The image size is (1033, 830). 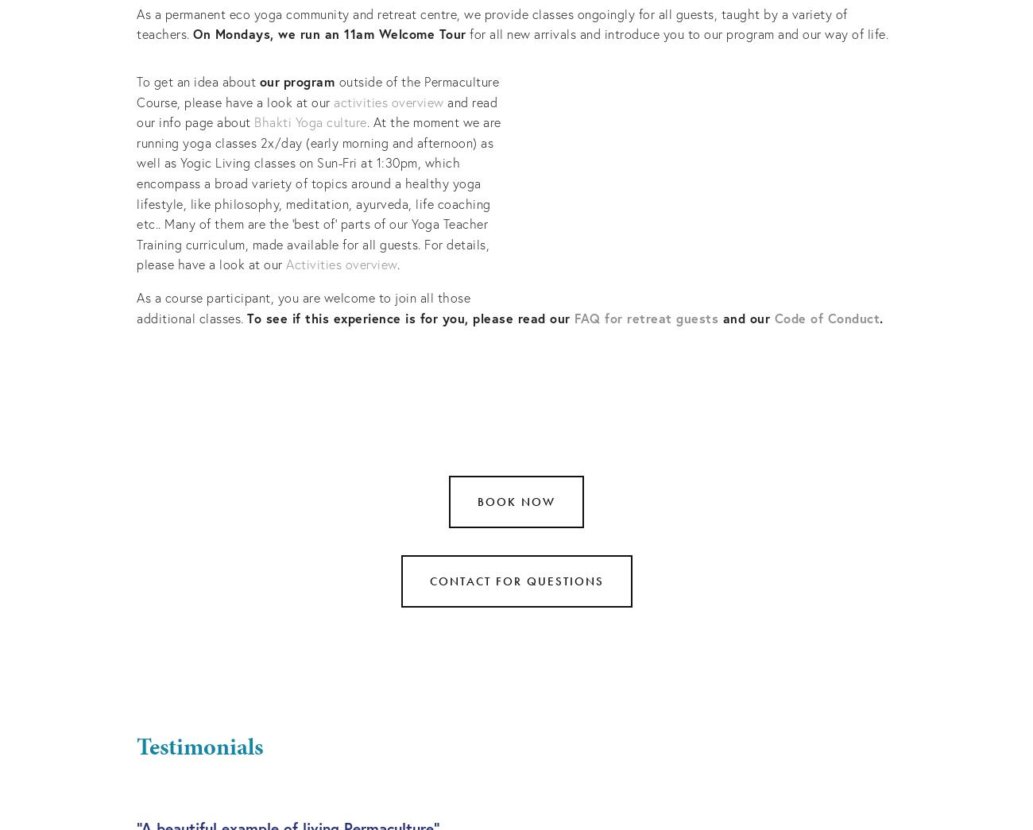 What do you see at coordinates (136, 81) in the screenshot?
I see `'To get an idea about'` at bounding box center [136, 81].